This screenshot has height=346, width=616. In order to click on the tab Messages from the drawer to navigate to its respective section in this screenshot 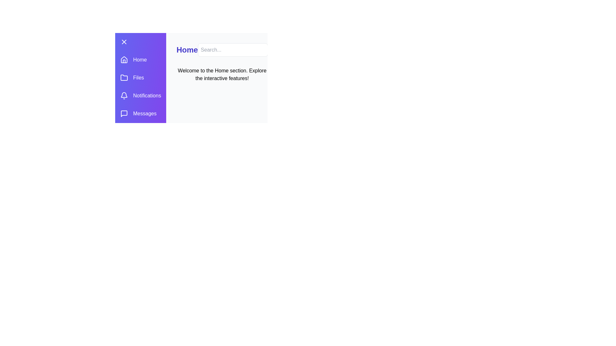, I will do `click(140, 113)`.